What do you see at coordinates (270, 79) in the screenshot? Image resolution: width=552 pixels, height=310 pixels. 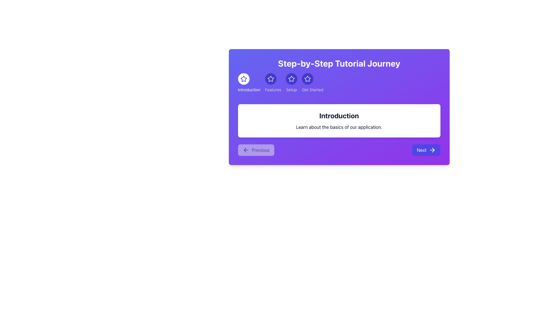 I see `the 'Features' step icon in the guided tutorial, which is the second icon from the left, following the 'Introduction' step indicator` at bounding box center [270, 79].